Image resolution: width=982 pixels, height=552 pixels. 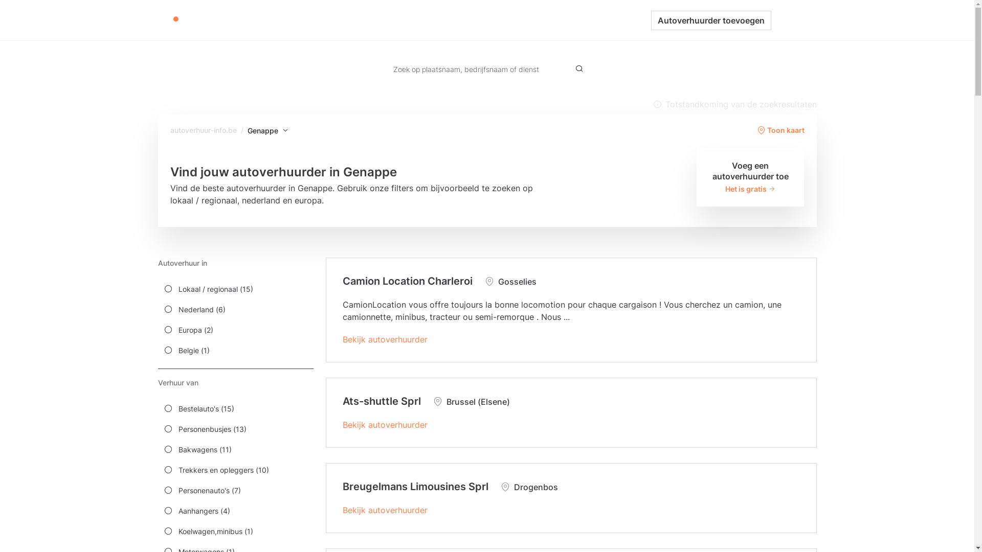 I want to click on 'Inloggen', so click(x=793, y=20).